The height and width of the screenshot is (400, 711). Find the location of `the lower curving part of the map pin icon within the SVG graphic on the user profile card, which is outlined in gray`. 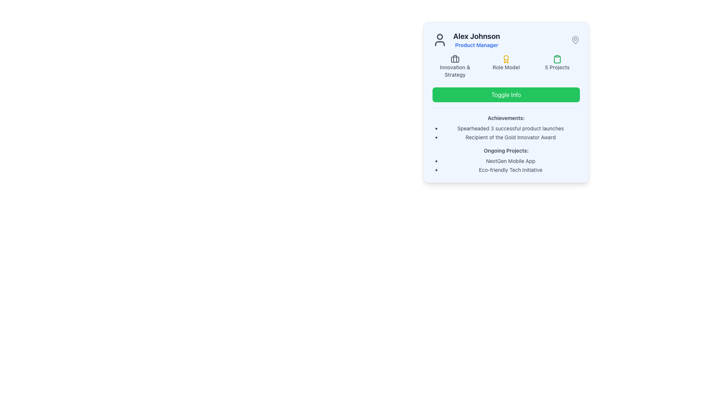

the lower curving part of the map pin icon within the SVG graphic on the user profile card, which is outlined in gray is located at coordinates (575, 40).